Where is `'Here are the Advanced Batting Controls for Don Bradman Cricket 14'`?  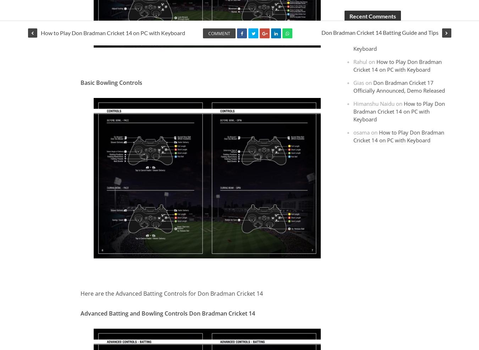
'Here are the Advanced Batting Controls for Don Bradman Cricket 14' is located at coordinates (171, 293).